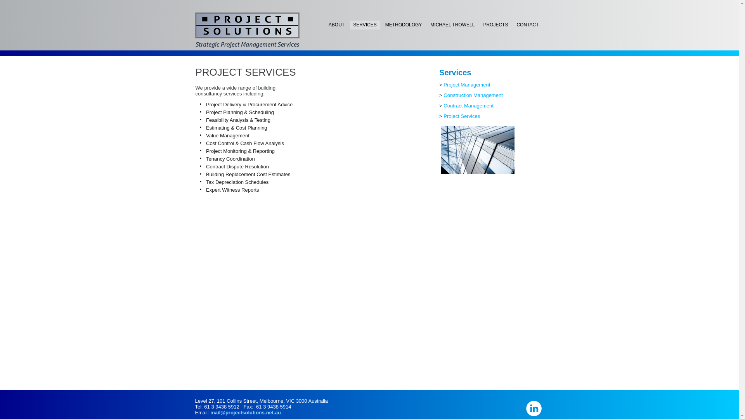 This screenshot has height=419, width=745. What do you see at coordinates (404, 24) in the screenshot?
I see `'METHODOLOGY'` at bounding box center [404, 24].